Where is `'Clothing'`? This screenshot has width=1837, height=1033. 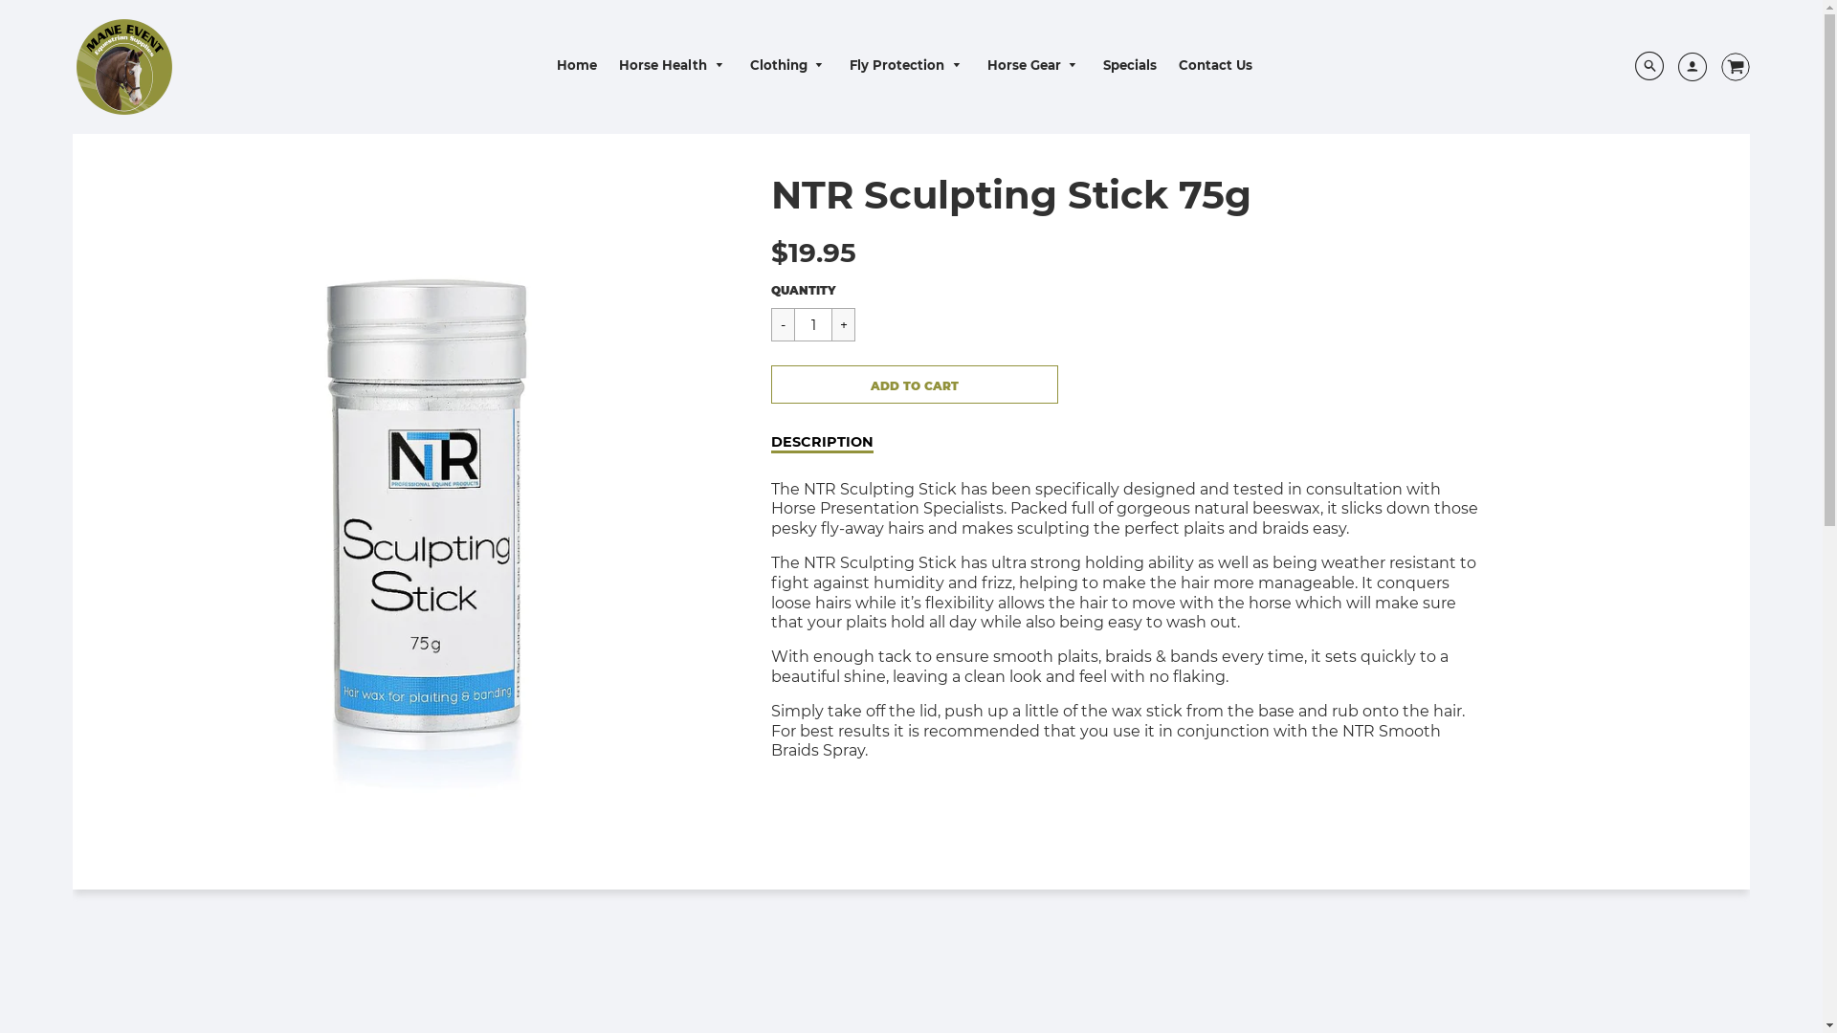 'Clothing' is located at coordinates (739, 64).